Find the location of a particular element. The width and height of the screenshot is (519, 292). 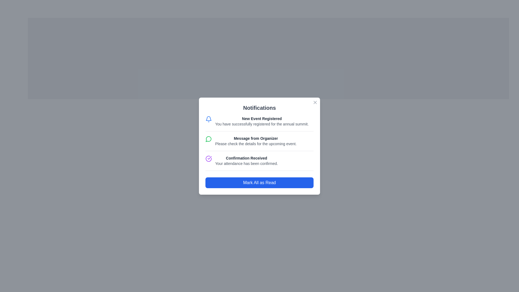

the static text providing additional details related to the notification titled 'Message from Organizer', which is located below the bold line of text in the notification card is located at coordinates (255, 143).